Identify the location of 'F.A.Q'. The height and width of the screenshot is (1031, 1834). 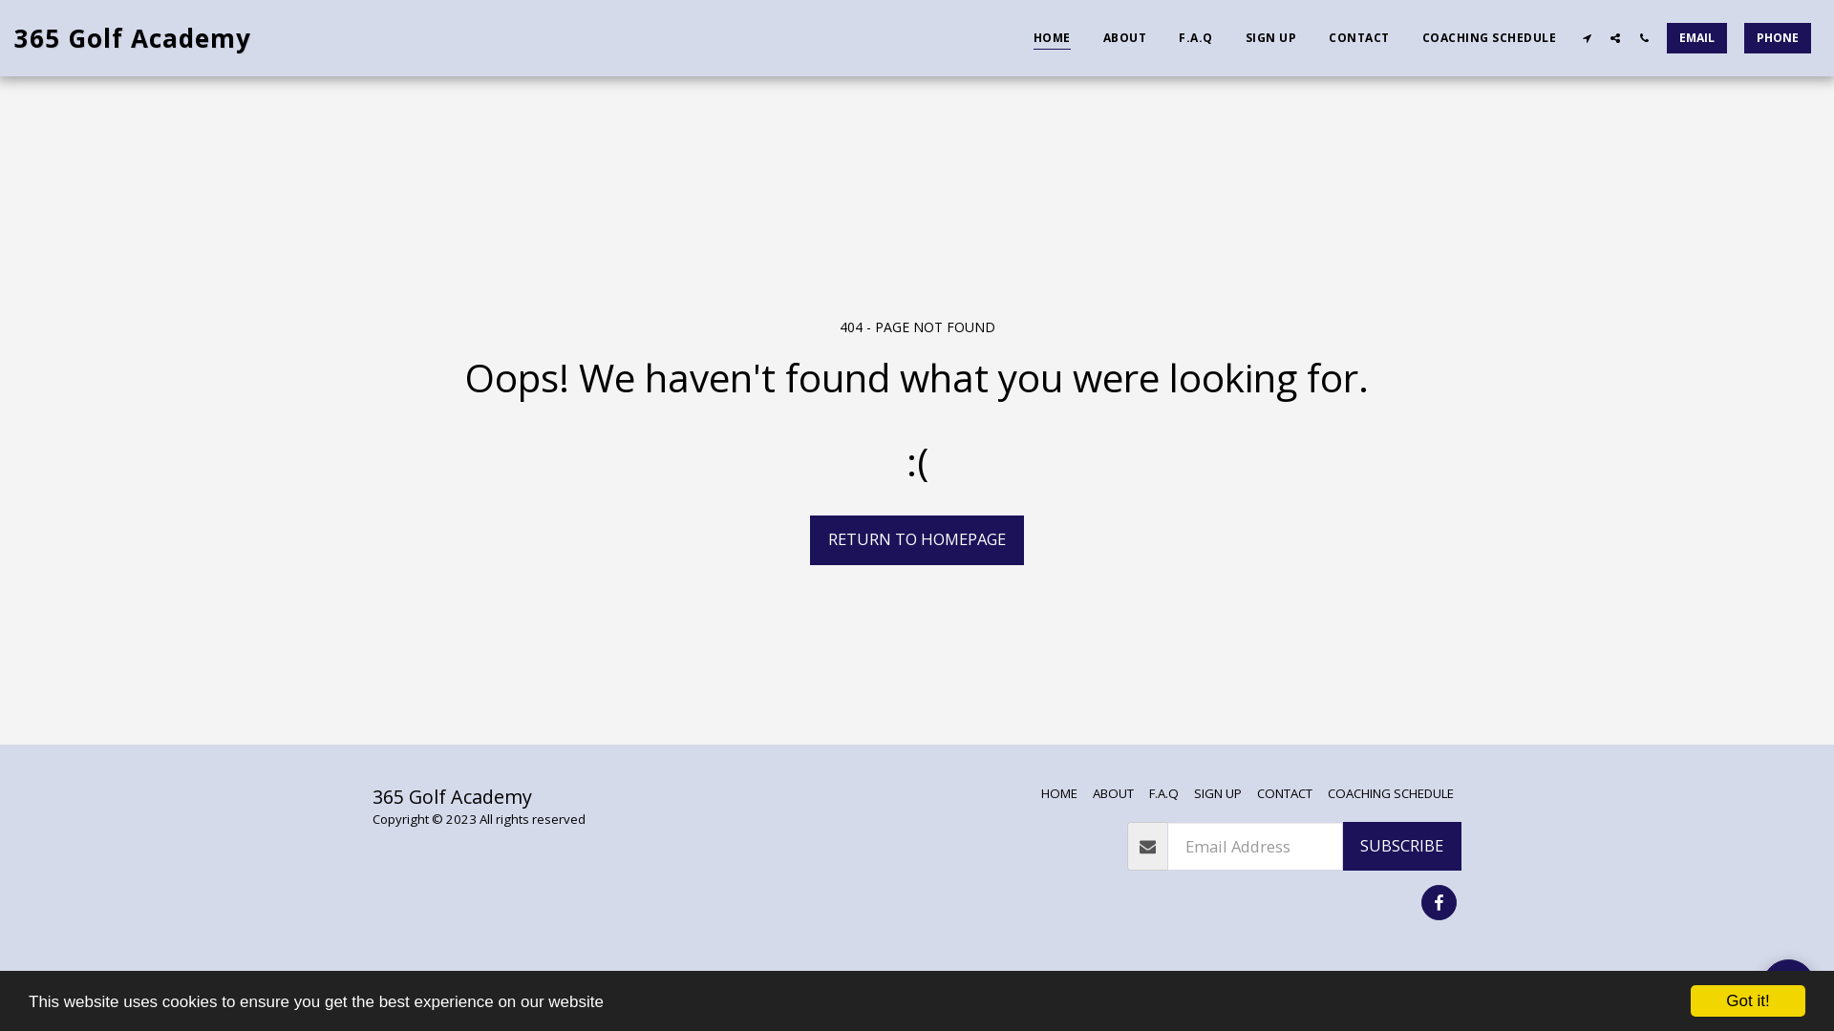
(1162, 792).